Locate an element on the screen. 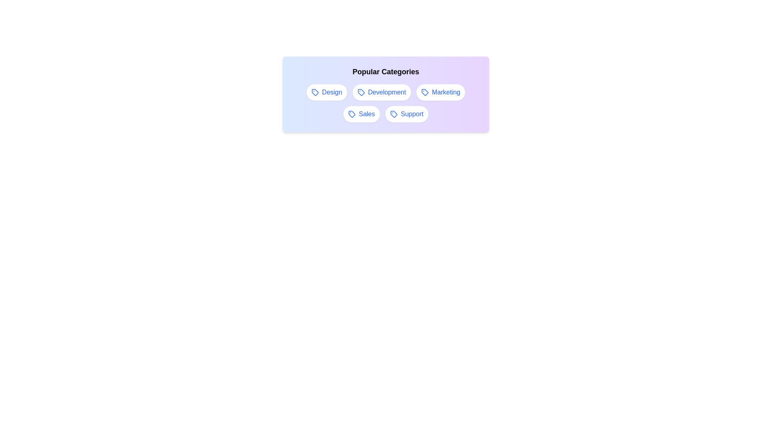  the Design tag to select it is located at coordinates (327, 92).